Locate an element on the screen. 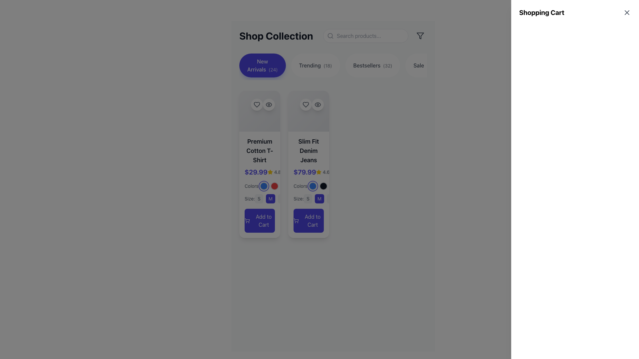  the 'Add to Cart' text label within the blue rectangular button is located at coordinates (312, 220).